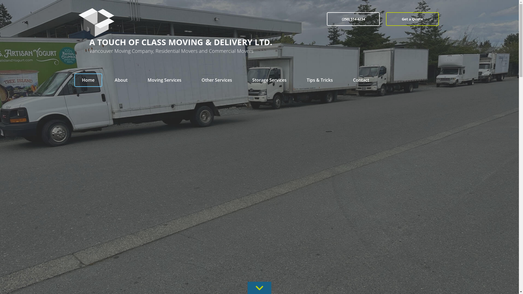  I want to click on 'Moving Services', so click(164, 80).